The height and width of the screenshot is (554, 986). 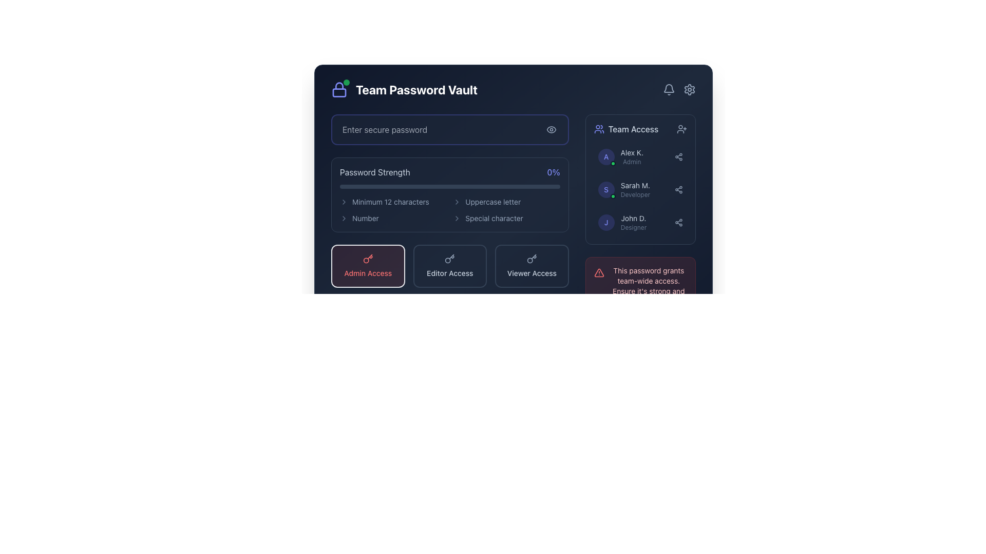 I want to click on the informational text label indicating a password requirement of having a minimum of 12 characters, located below 'Password Strength' and adjacent to a chevron icon, so click(x=390, y=202).